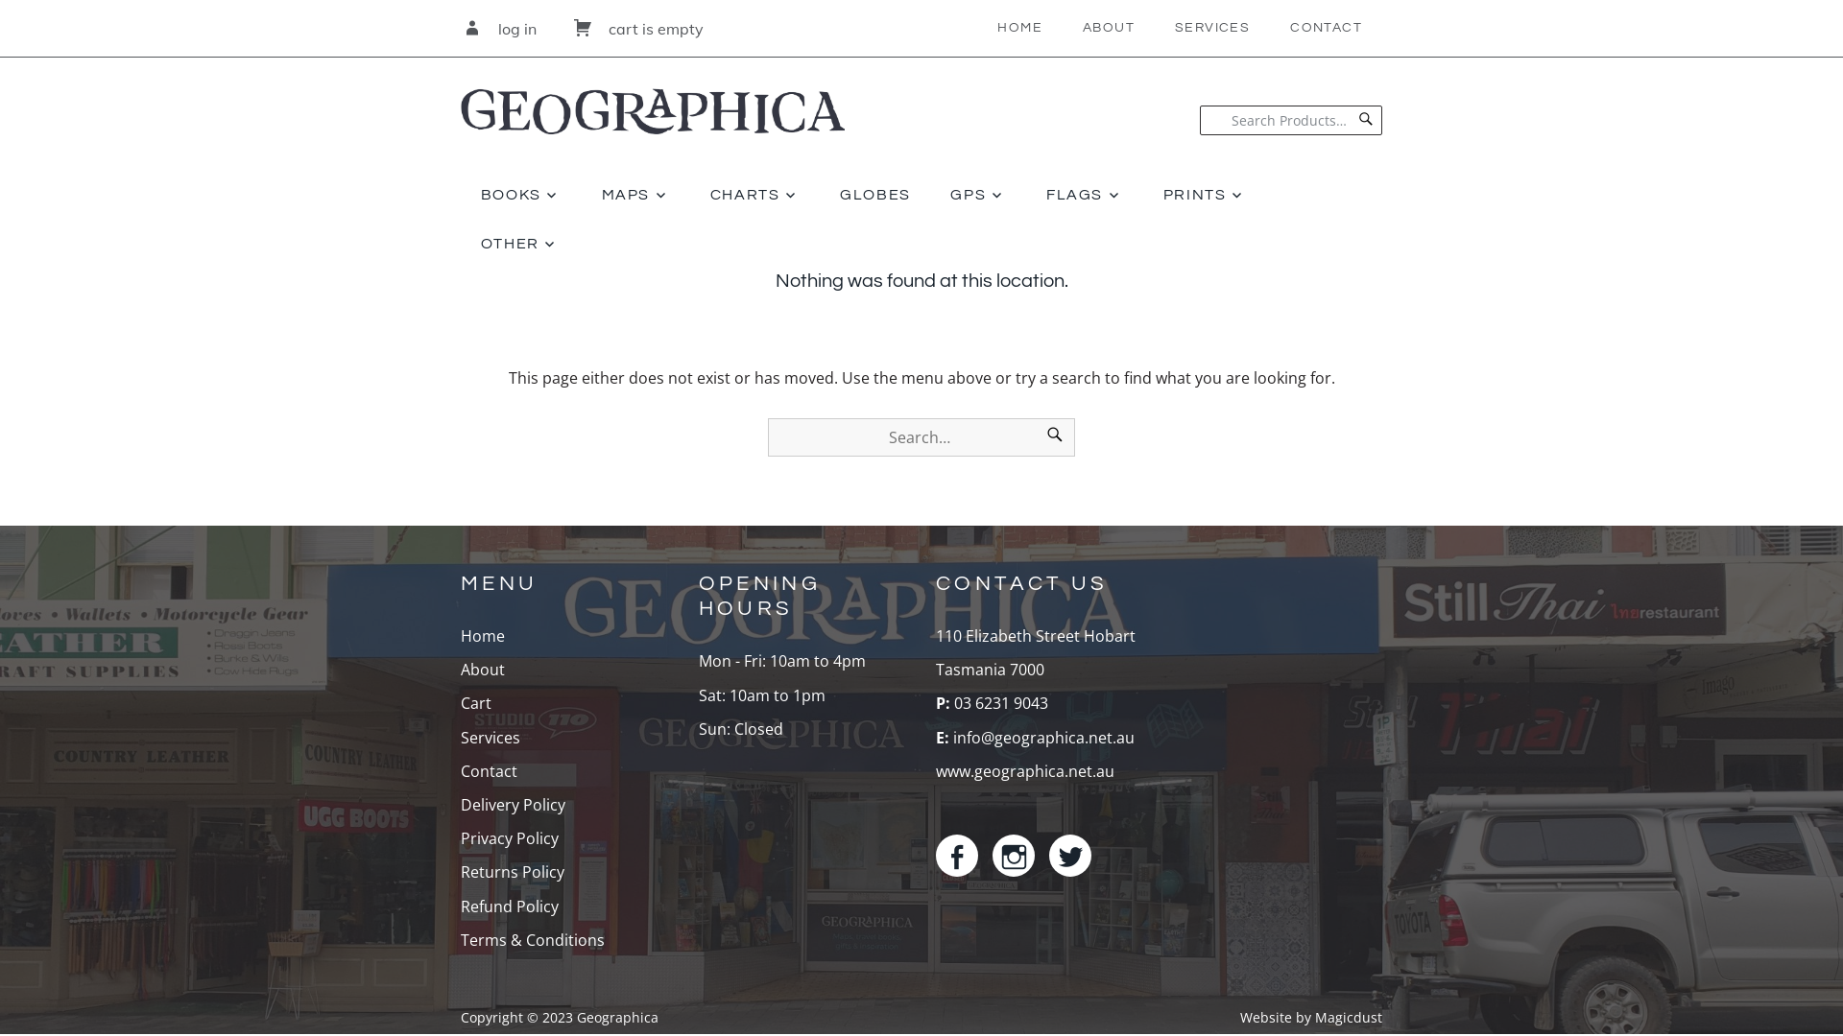 This screenshot has height=1036, width=1843. Describe the element at coordinates (820, 195) in the screenshot. I see `'GLOBES'` at that location.